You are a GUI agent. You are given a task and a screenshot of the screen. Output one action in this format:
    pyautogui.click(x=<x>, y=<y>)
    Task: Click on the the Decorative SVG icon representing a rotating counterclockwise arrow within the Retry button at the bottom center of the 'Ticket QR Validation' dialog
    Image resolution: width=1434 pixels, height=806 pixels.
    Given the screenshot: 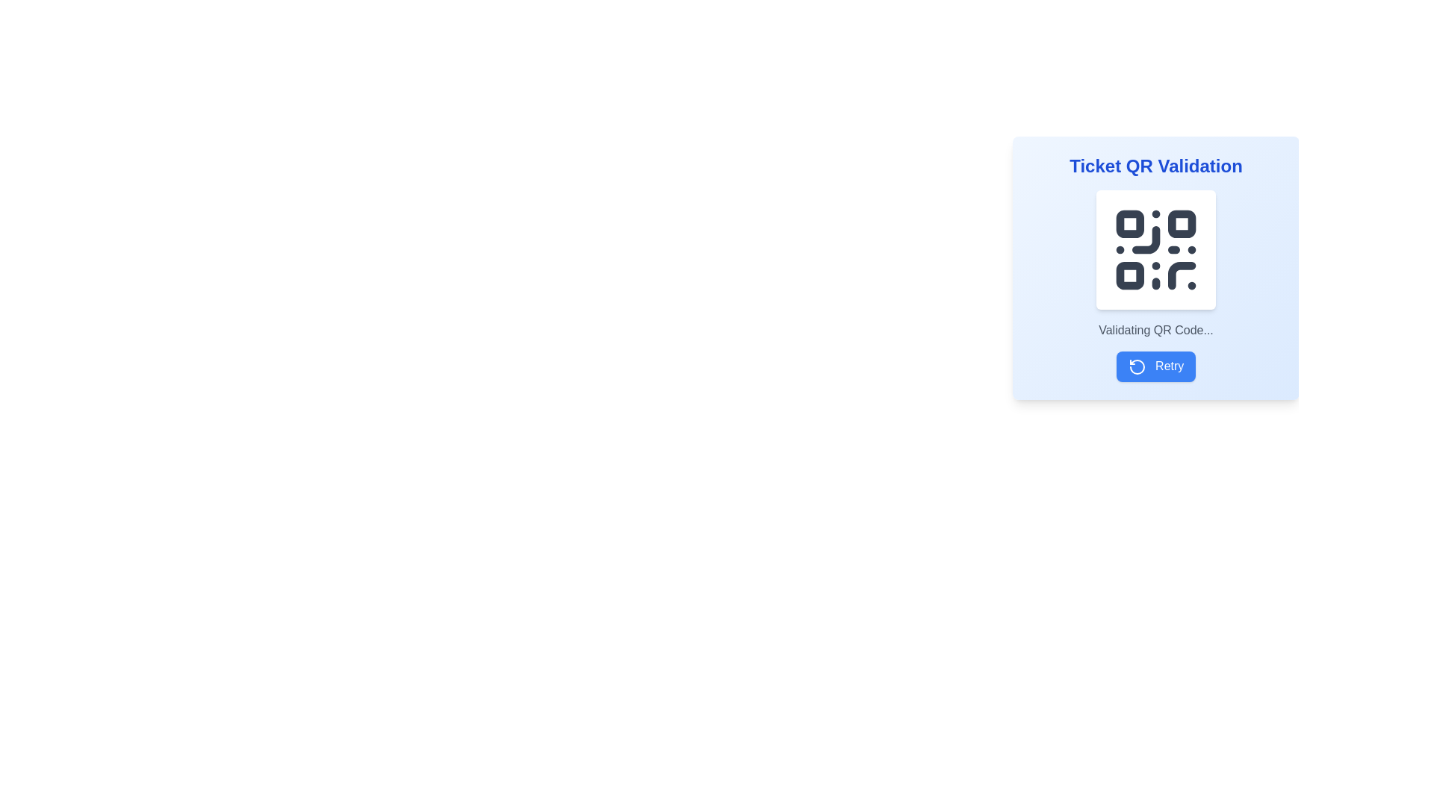 What is the action you would take?
    pyautogui.click(x=1136, y=366)
    